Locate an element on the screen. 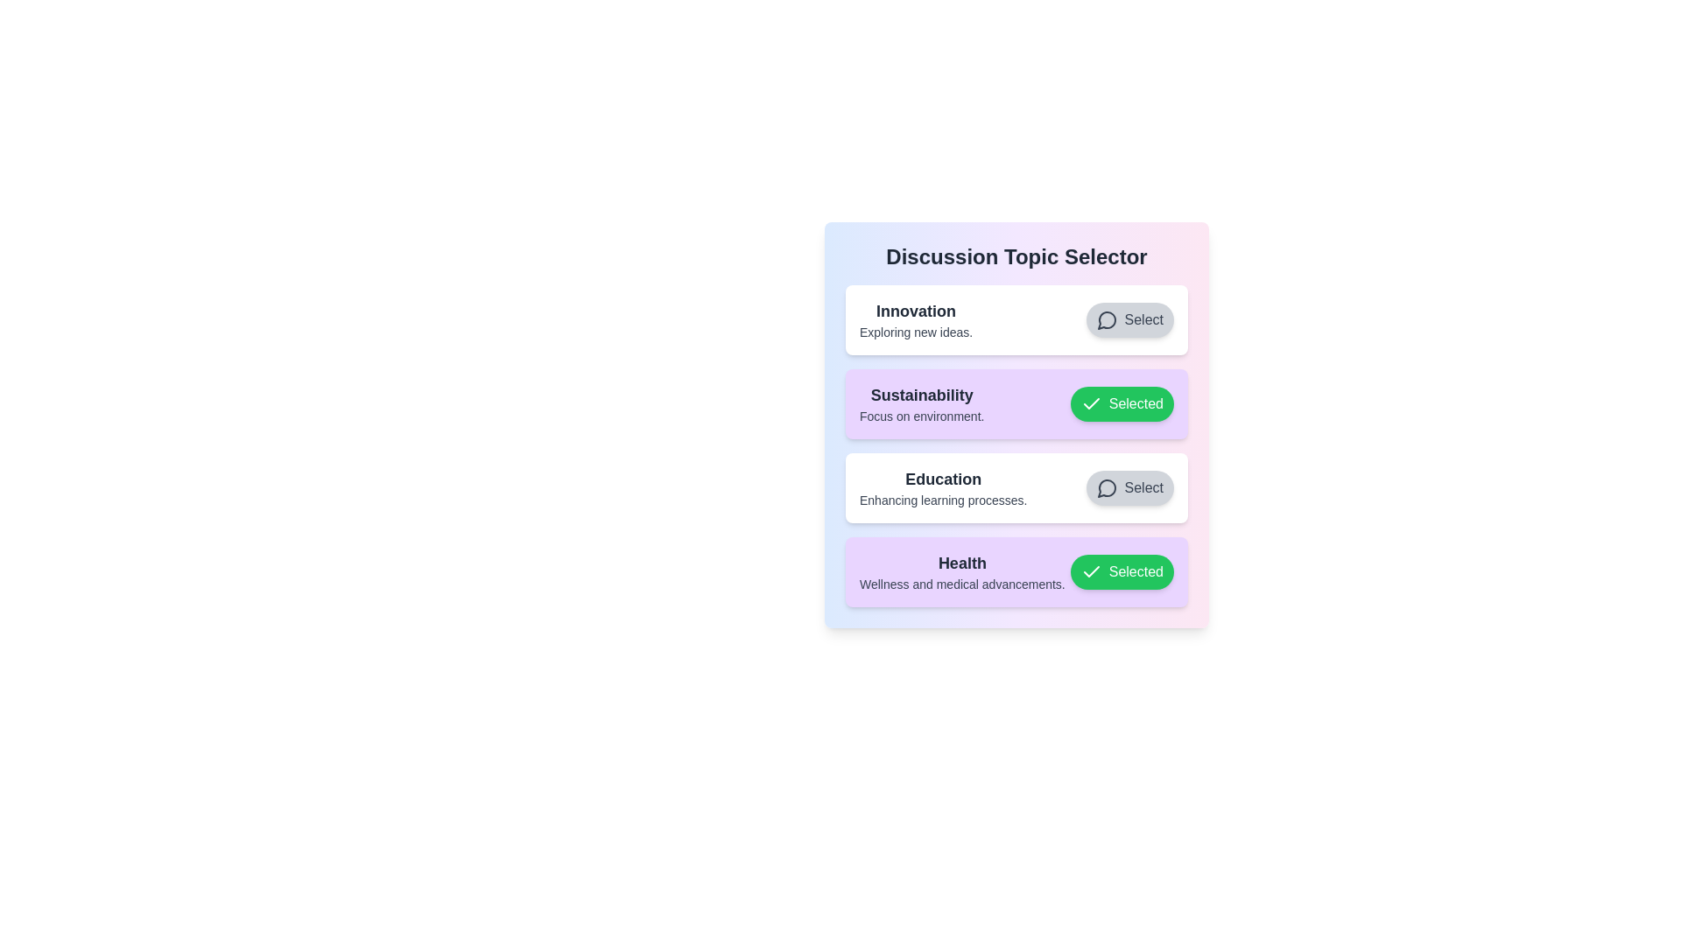 The height and width of the screenshot is (945, 1681). the topic Innovation to trigger the scaling effect is located at coordinates (1016, 320).